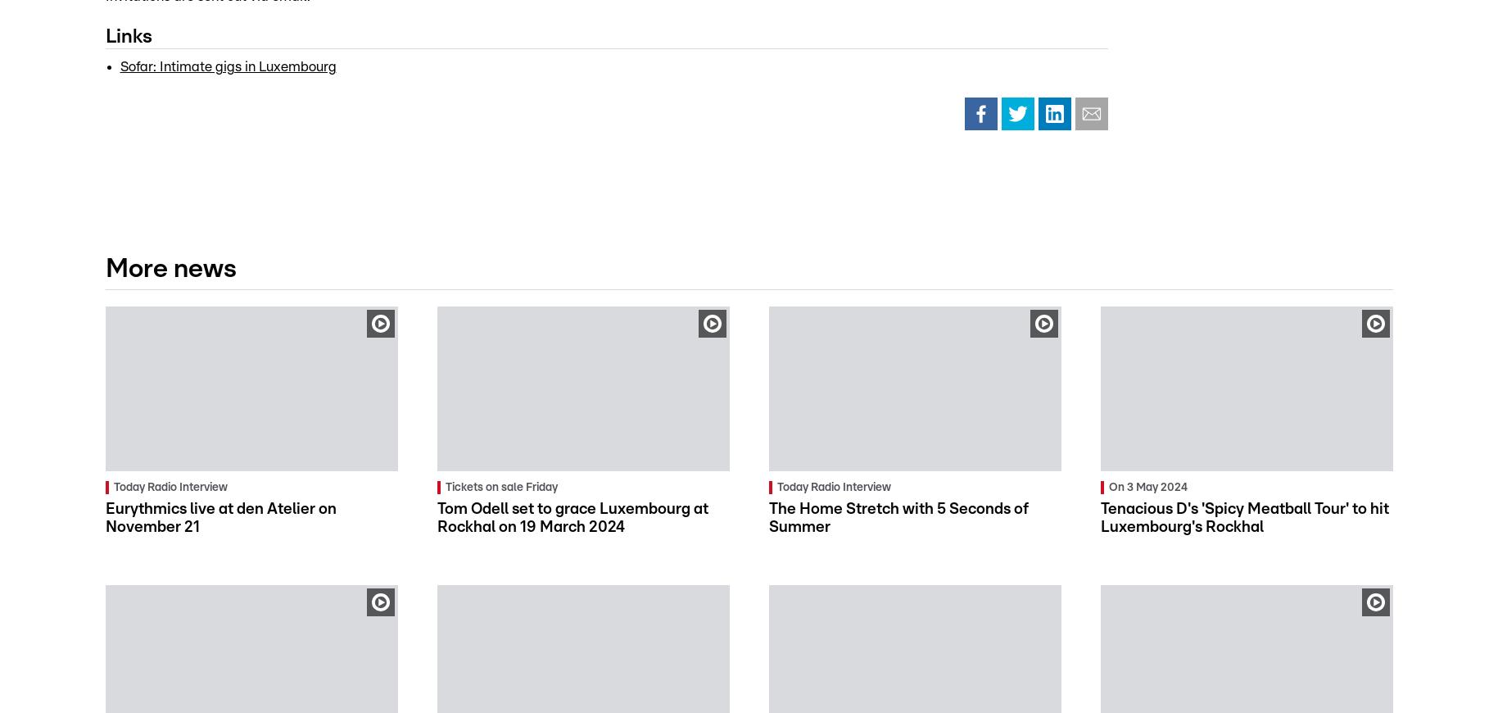 Image resolution: width=1498 pixels, height=713 pixels. Describe the element at coordinates (128, 35) in the screenshot. I see `'Links'` at that location.